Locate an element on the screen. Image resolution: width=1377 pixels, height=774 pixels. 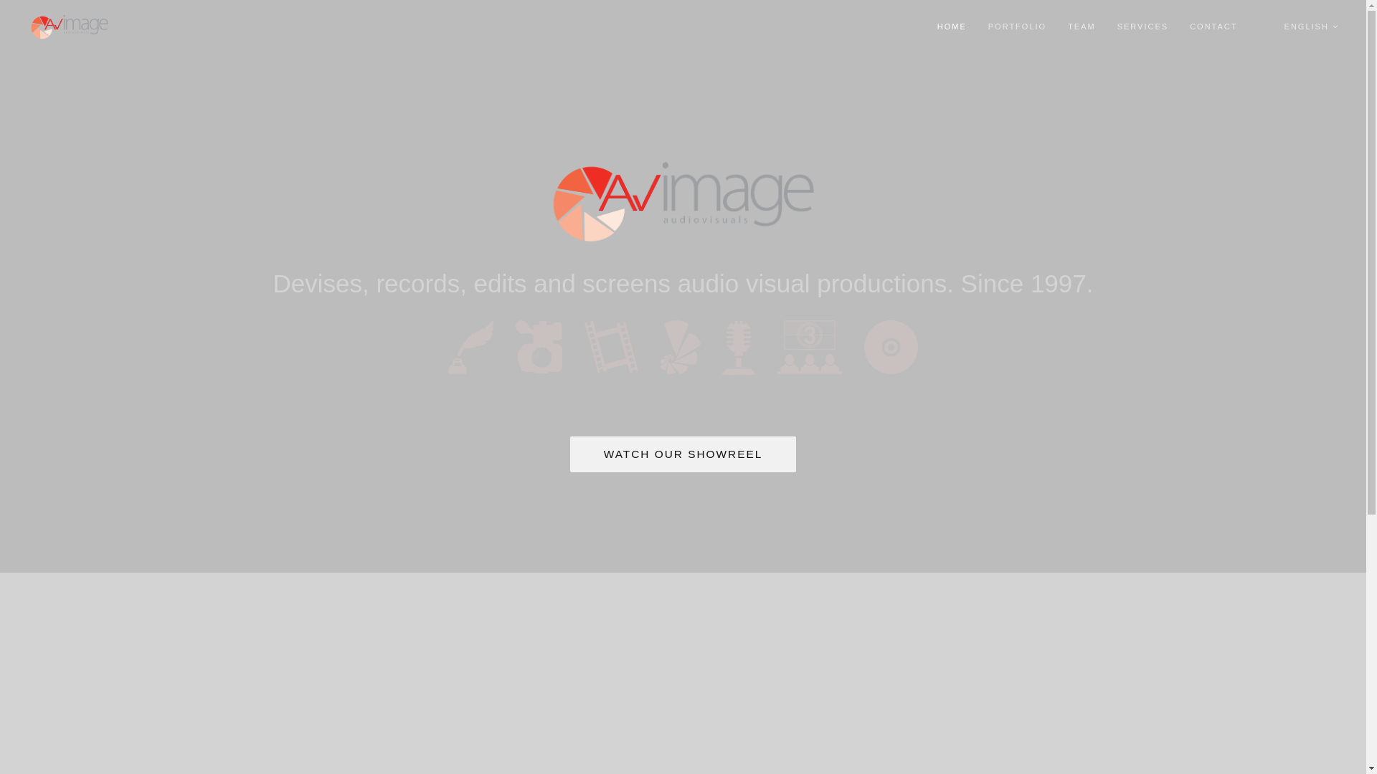
'CONTACT' is located at coordinates (1212, 27).